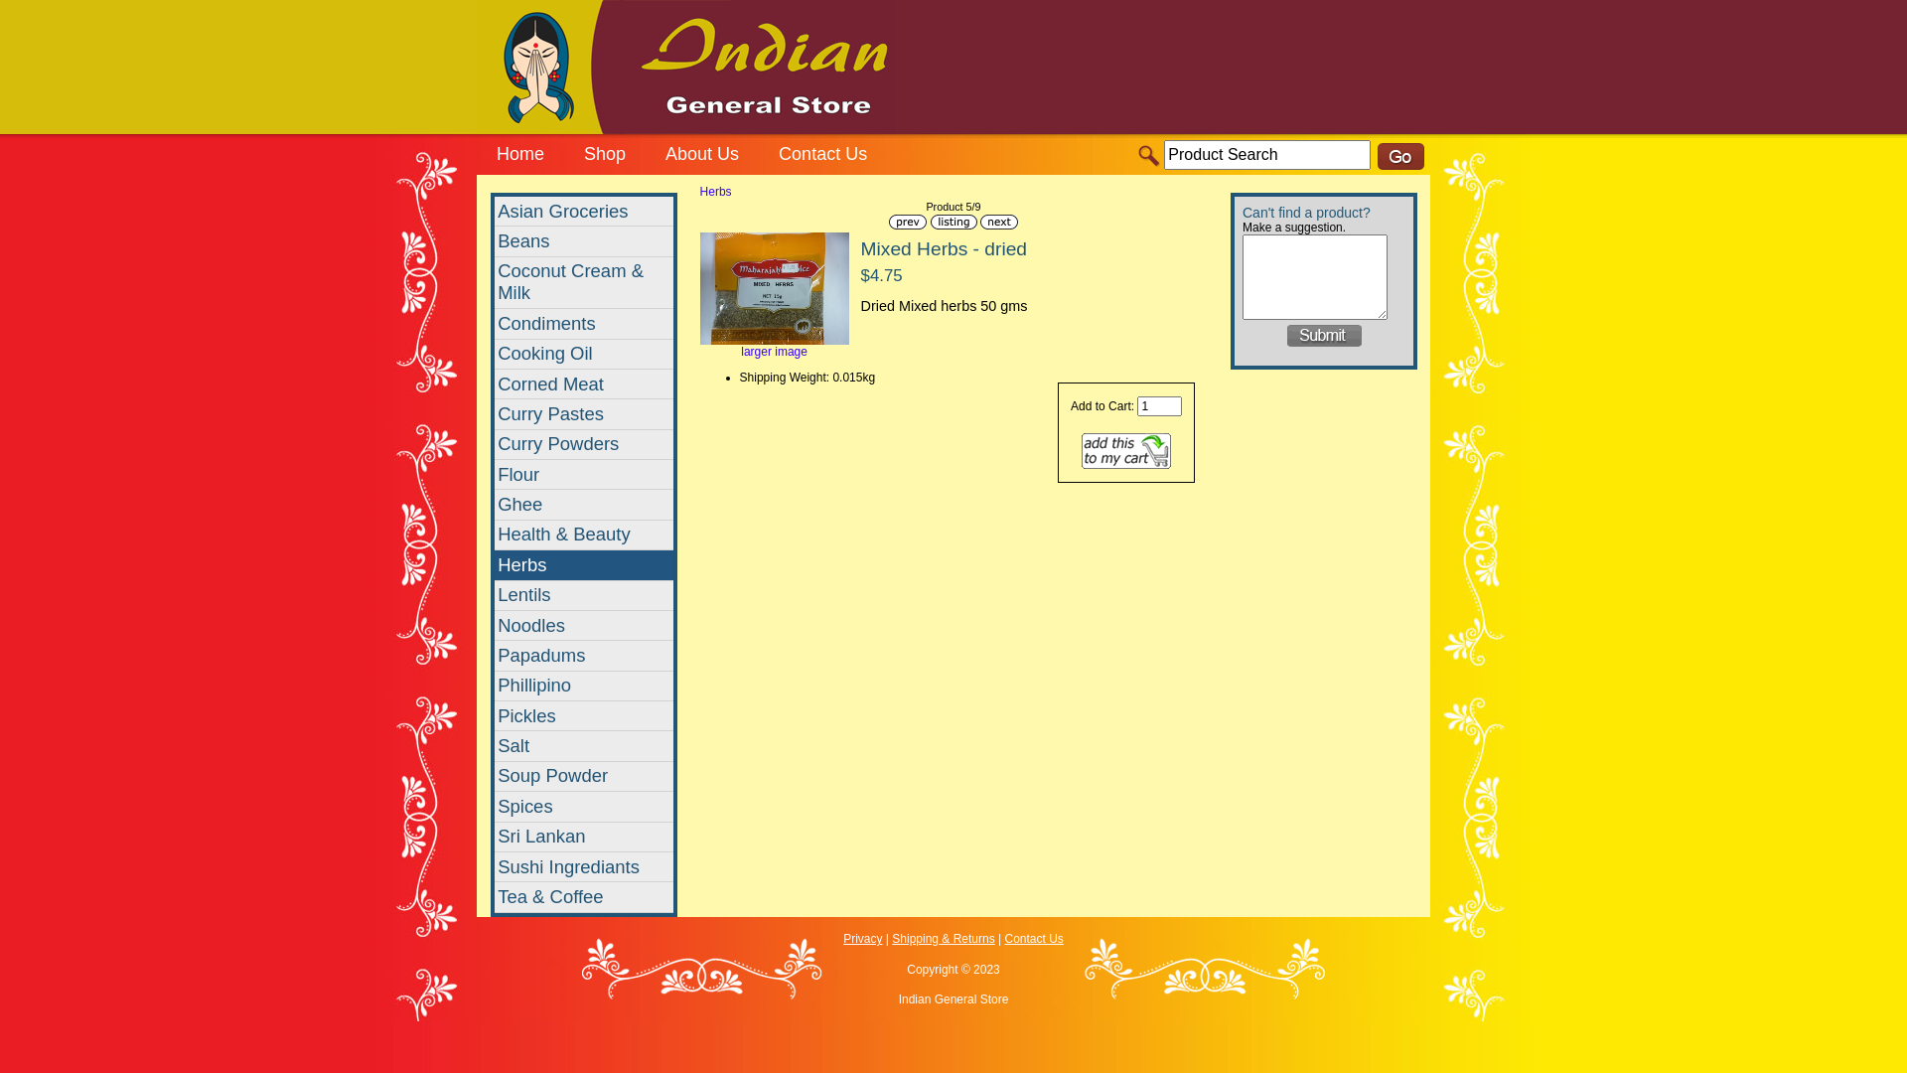  I want to click on 'Coconut Cream & Milk', so click(583, 283).